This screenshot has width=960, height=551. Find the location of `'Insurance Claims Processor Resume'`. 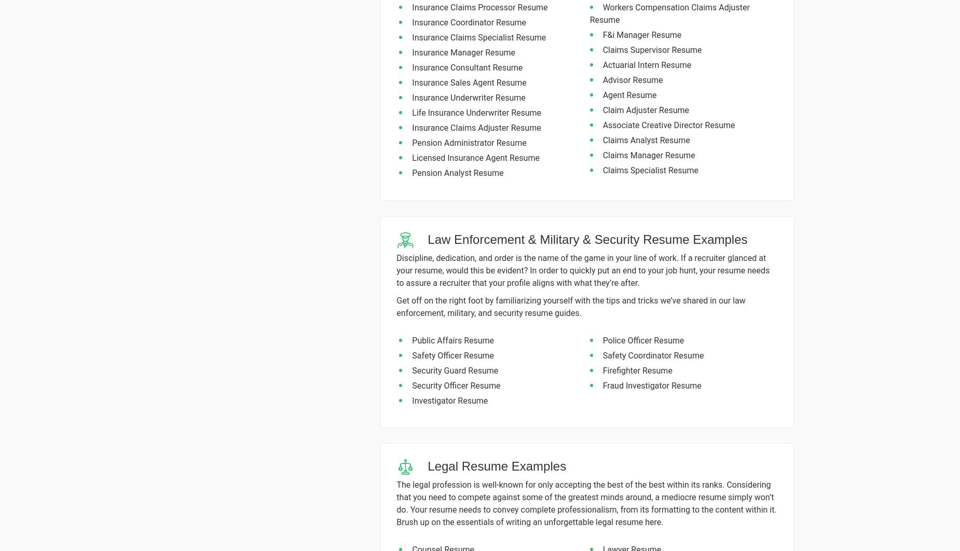

'Insurance Claims Processor Resume' is located at coordinates (479, 7).